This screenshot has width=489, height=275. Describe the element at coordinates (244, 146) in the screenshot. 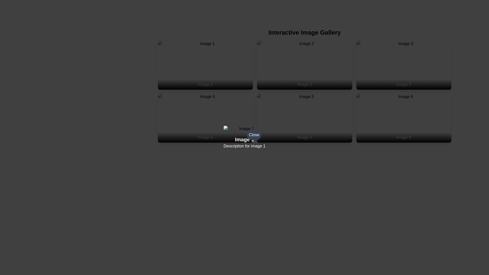

I see `the text block displaying 'Description for image 1', which is centrally aligned below 'Image 1' and has white text on a grayish background` at that location.